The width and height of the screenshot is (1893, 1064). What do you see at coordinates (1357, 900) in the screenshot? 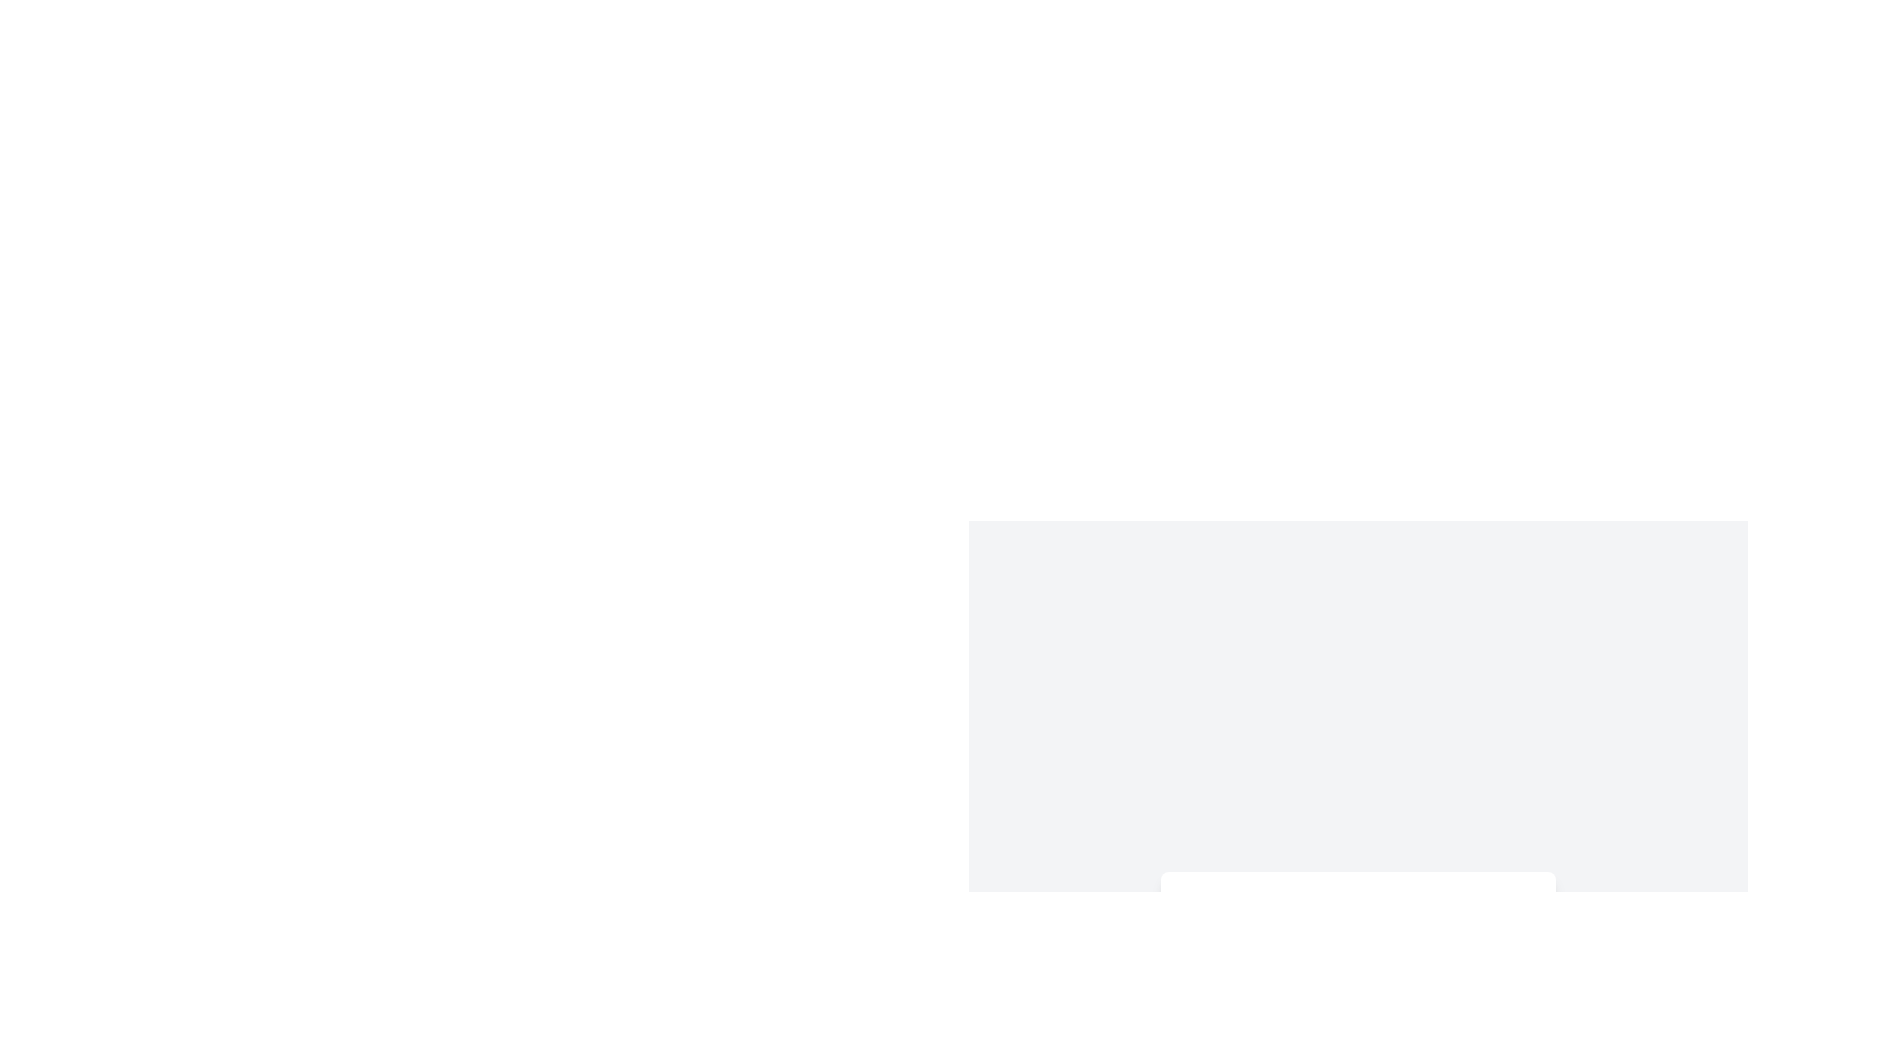
I see `the Dropdown Toggle labeled 'Select Categories' to potentially reveal a tooltip or effect` at bounding box center [1357, 900].